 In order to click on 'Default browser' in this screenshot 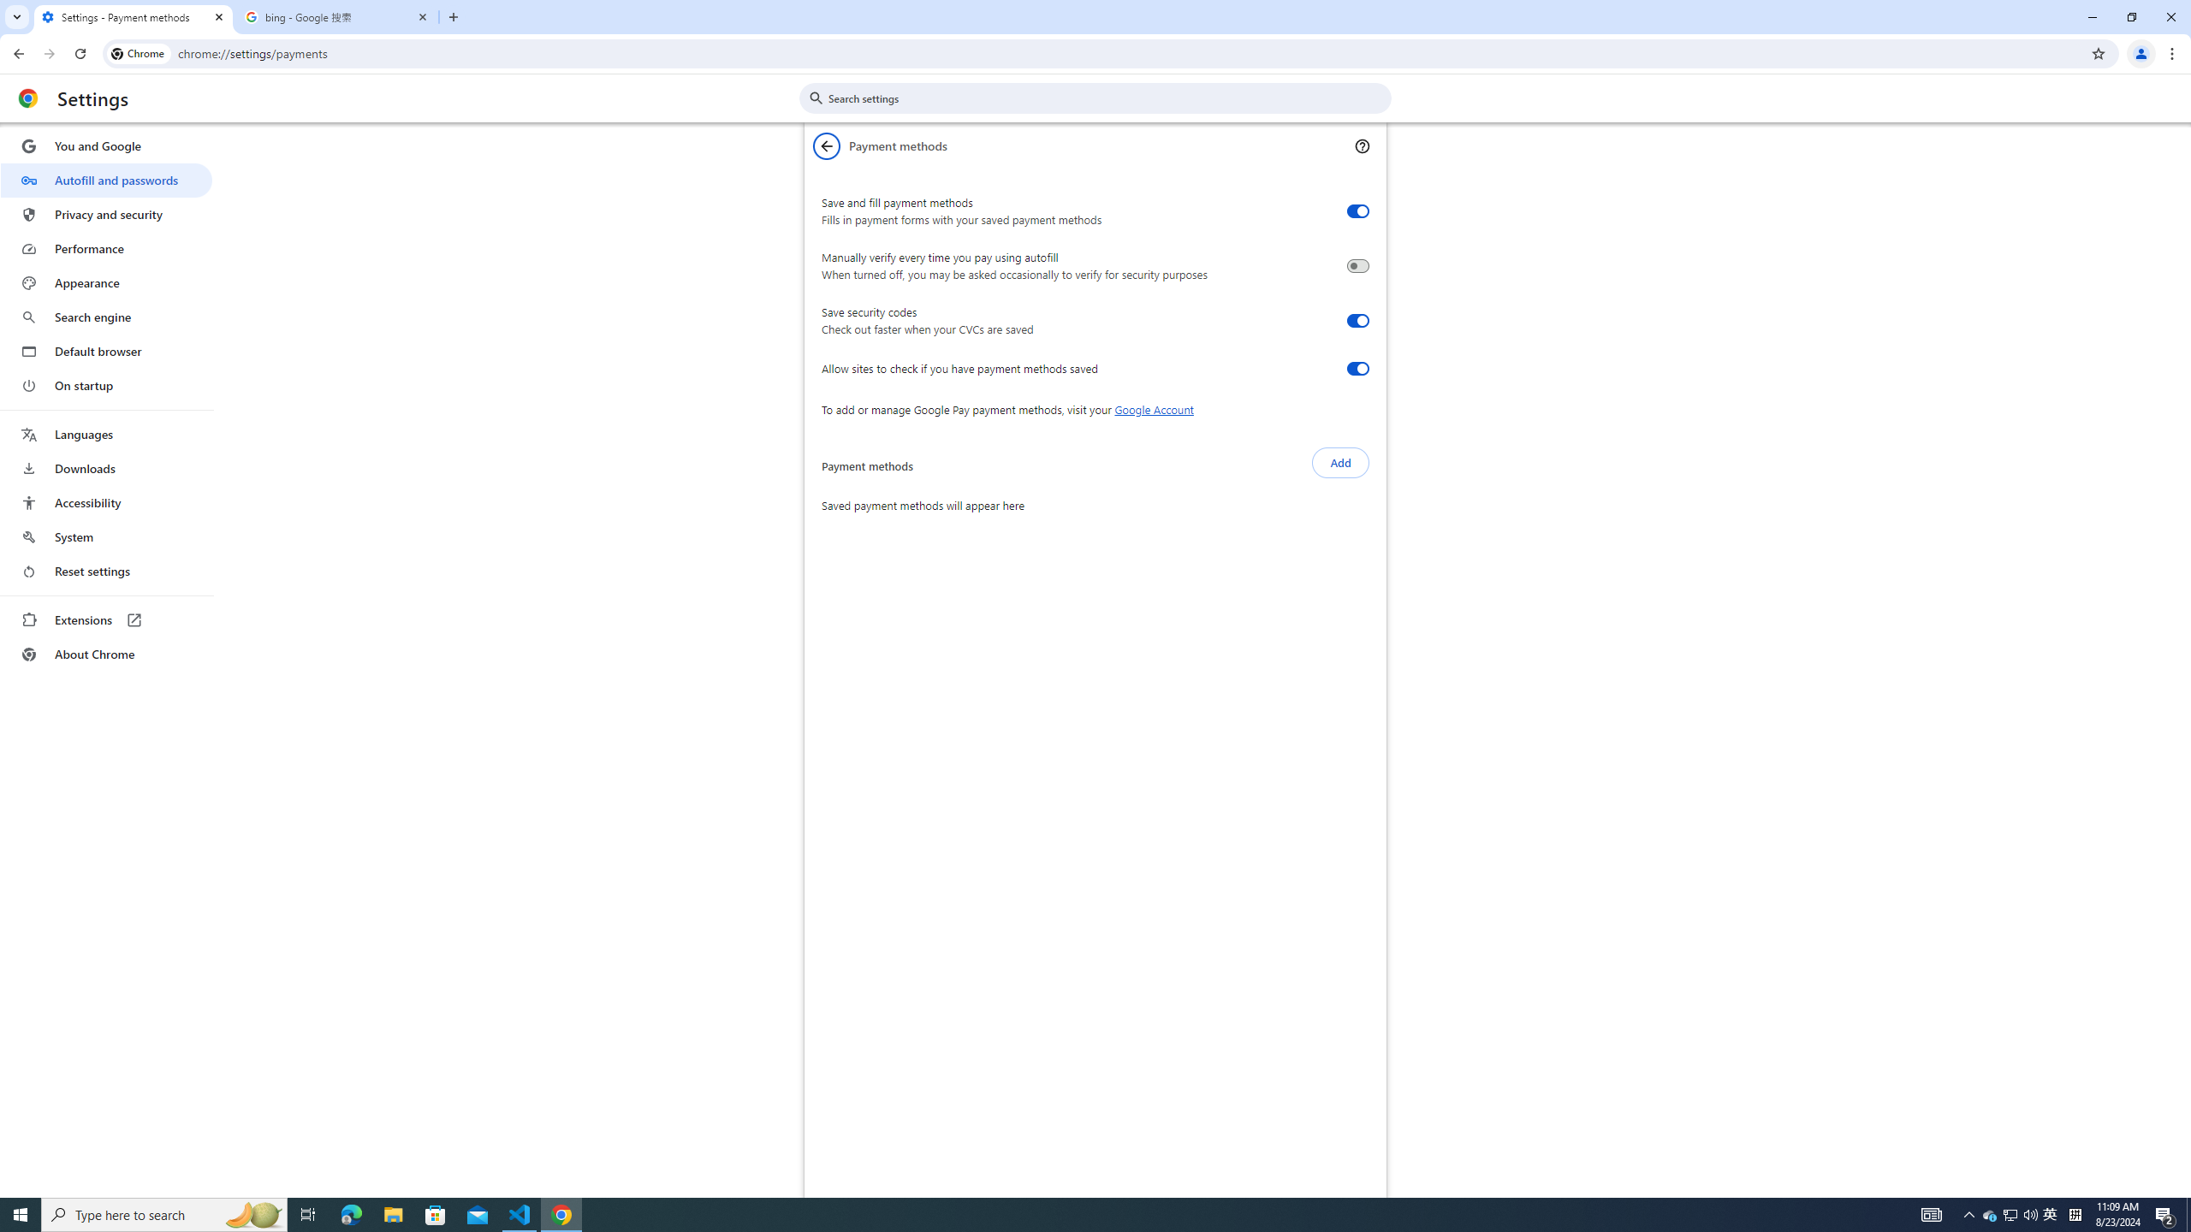, I will do `click(105, 351)`.